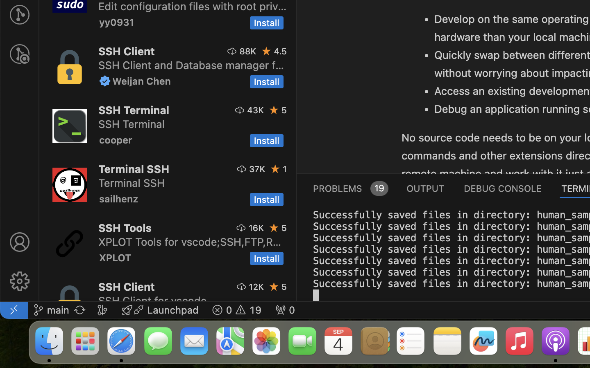 Image resolution: width=590 pixels, height=368 pixels. What do you see at coordinates (19, 242) in the screenshot?
I see `''` at bounding box center [19, 242].